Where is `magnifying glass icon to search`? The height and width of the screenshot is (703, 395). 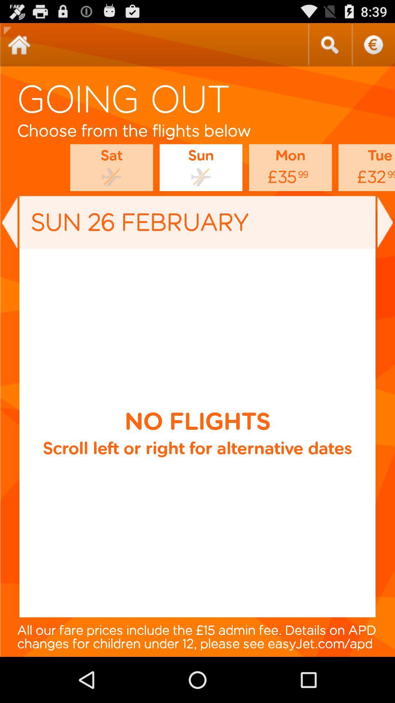
magnifying glass icon to search is located at coordinates (330, 44).